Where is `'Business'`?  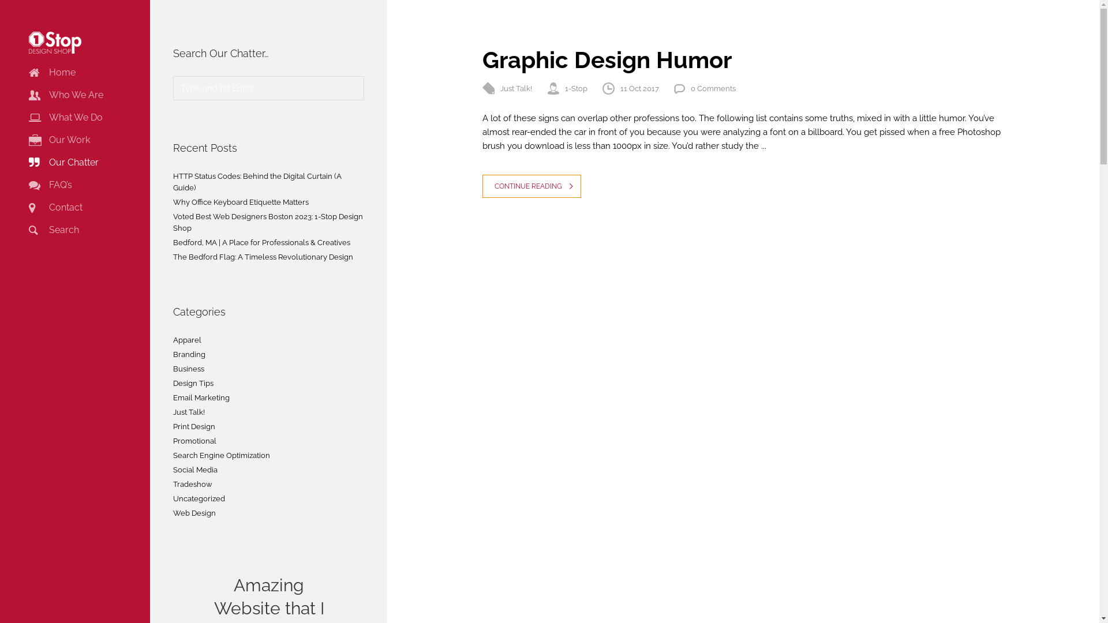 'Business' is located at coordinates (188, 369).